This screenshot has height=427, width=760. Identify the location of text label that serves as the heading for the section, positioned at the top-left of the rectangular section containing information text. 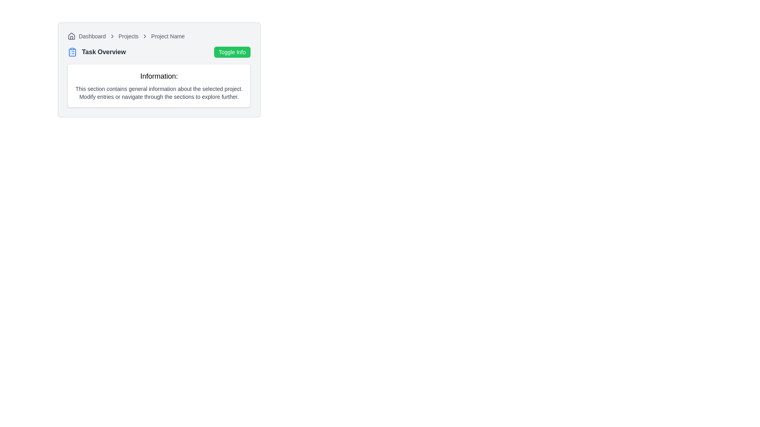
(159, 76).